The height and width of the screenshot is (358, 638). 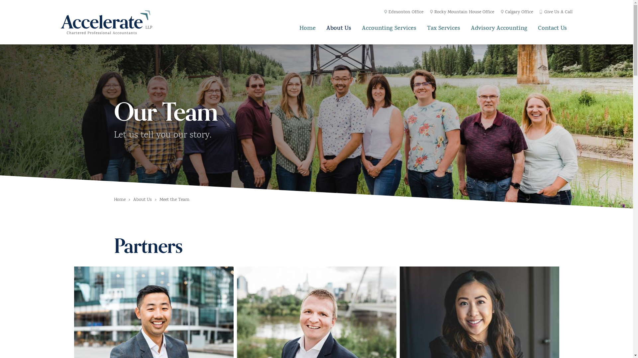 I want to click on 'Accelerate Chartered Professional Accountants', so click(x=106, y=22).